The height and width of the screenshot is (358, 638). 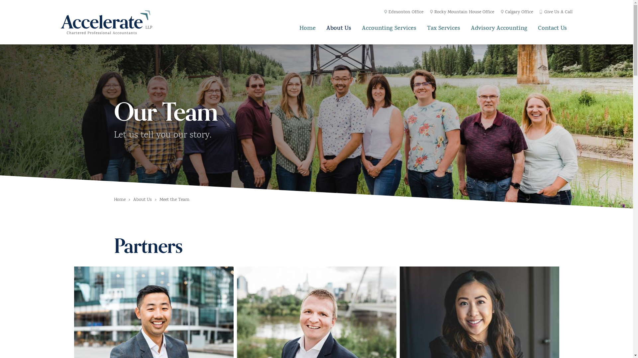 I want to click on 'Accelerate Chartered Professional Accountants', so click(x=106, y=22).